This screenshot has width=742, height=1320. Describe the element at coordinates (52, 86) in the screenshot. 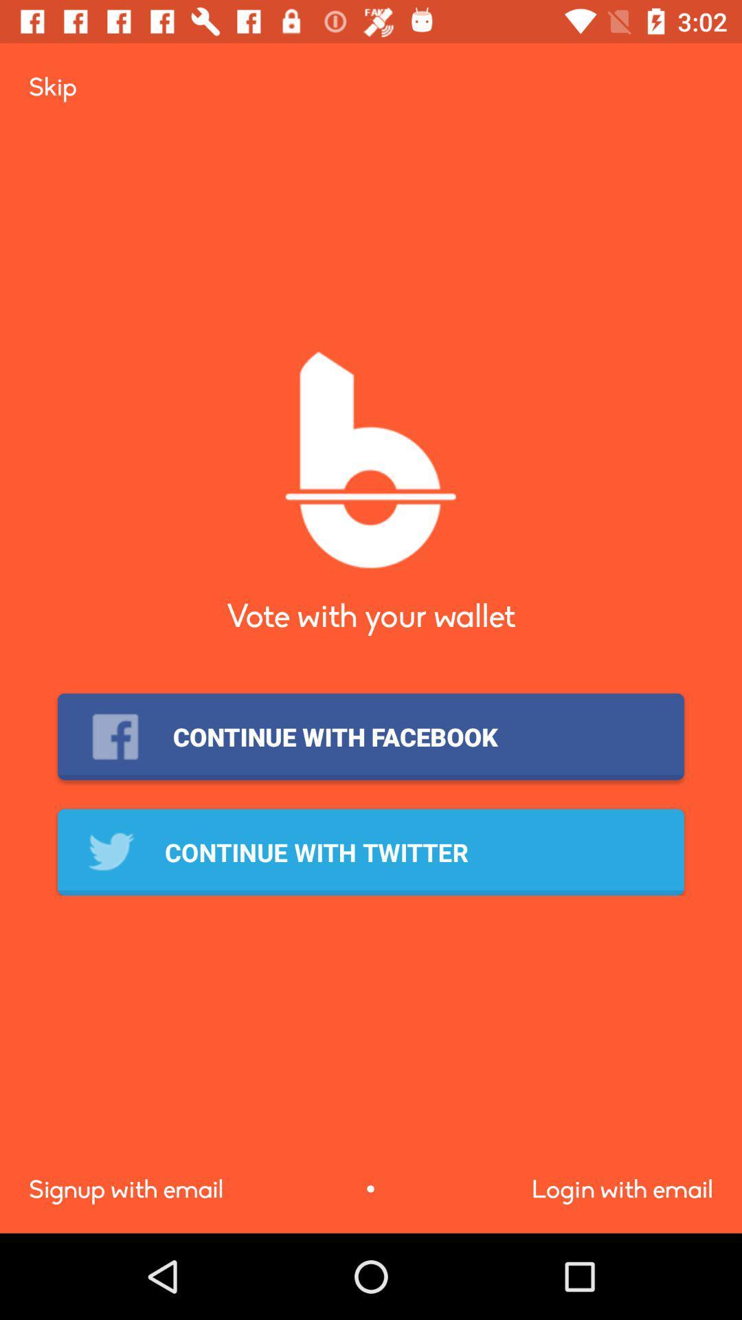

I see `the skip item` at that location.